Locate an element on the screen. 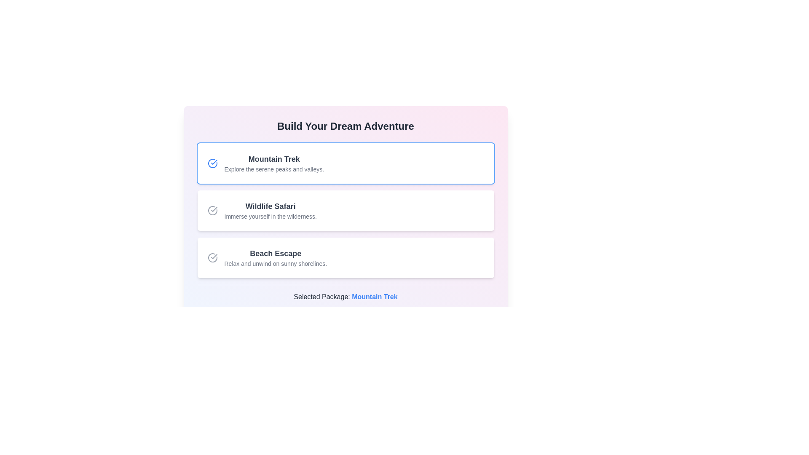 The width and height of the screenshot is (809, 455). the descriptive text element containing the phrase 'Immerse yourself in the wilderness.' which is styled with a smaller font size and a lighter gray color, positioned beneath the 'Wildlife Safari' heading is located at coordinates (271, 216).